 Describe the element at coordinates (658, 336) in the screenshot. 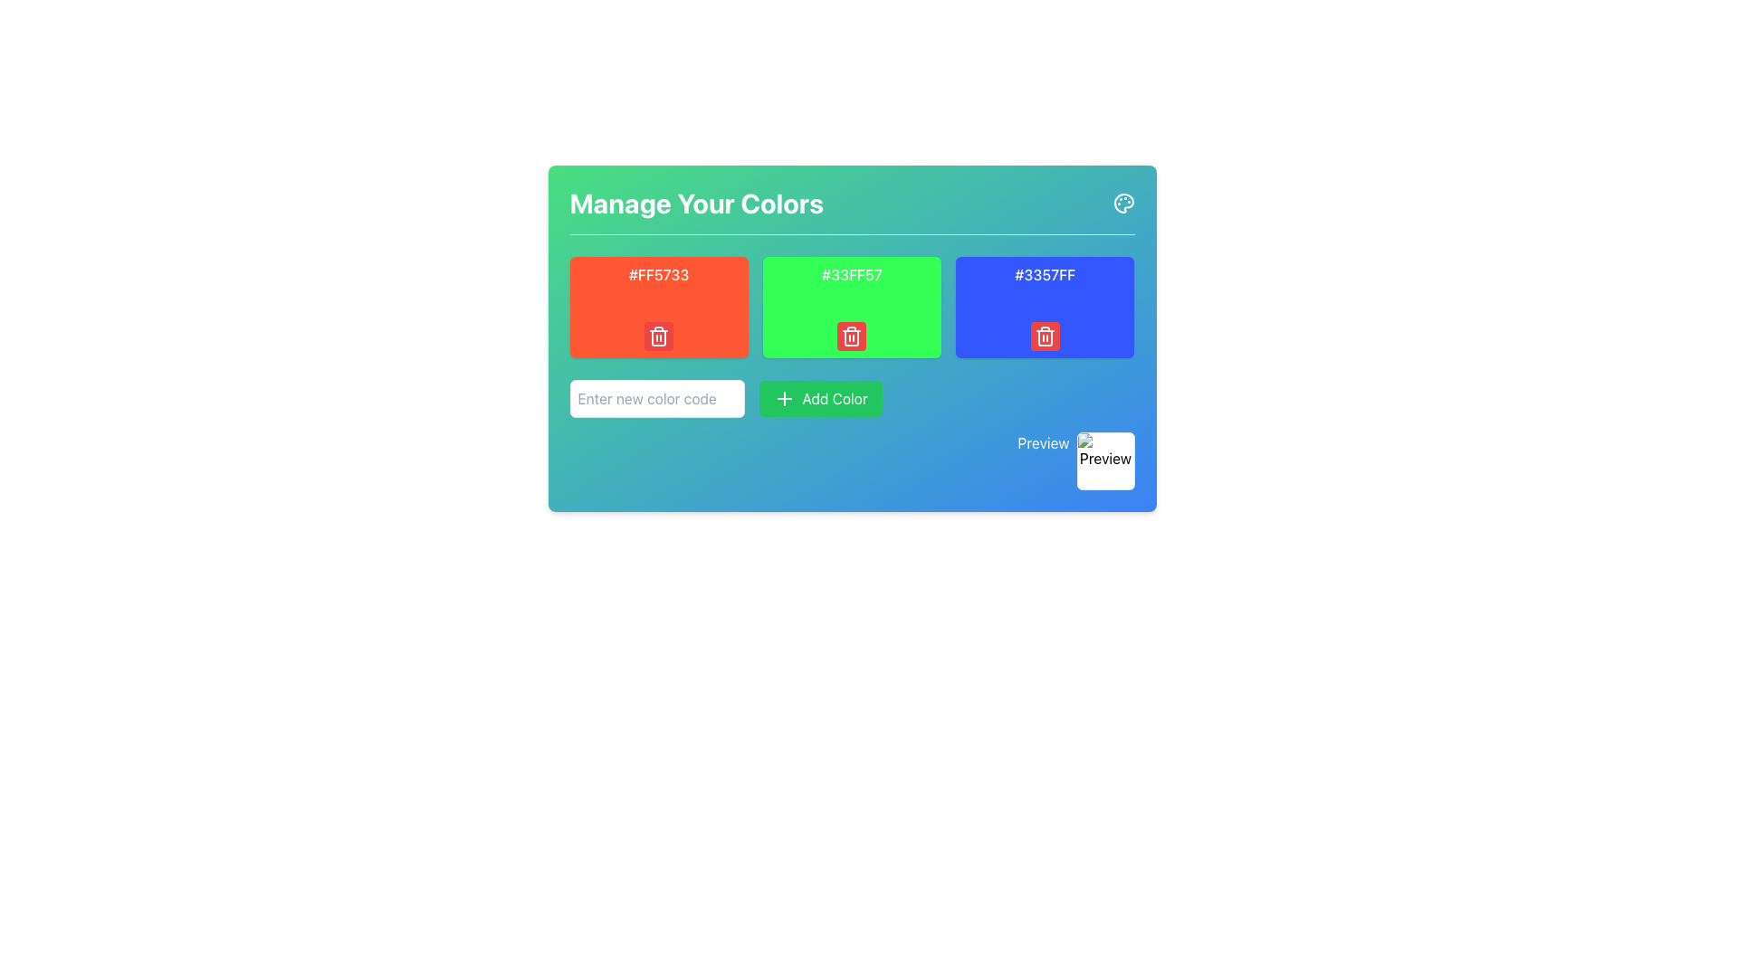

I see `the delete button located below the '#FF5733' text in the leftmost color block of the 'Manage Your Colors' interface` at that location.